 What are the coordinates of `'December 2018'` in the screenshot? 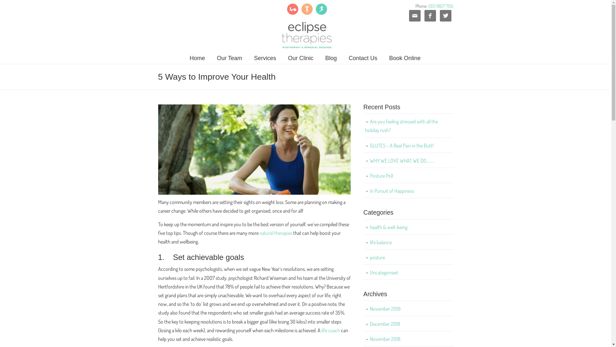 It's located at (408, 324).